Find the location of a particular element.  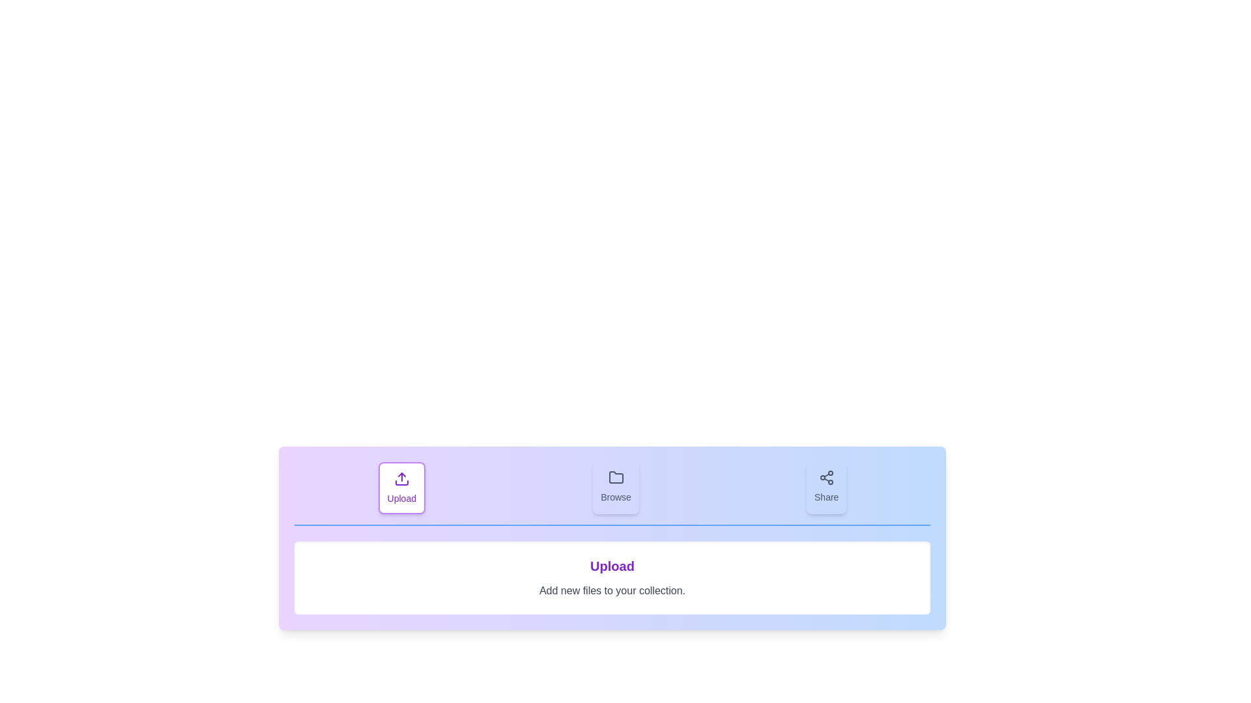

the Upload tab is located at coordinates (401, 488).